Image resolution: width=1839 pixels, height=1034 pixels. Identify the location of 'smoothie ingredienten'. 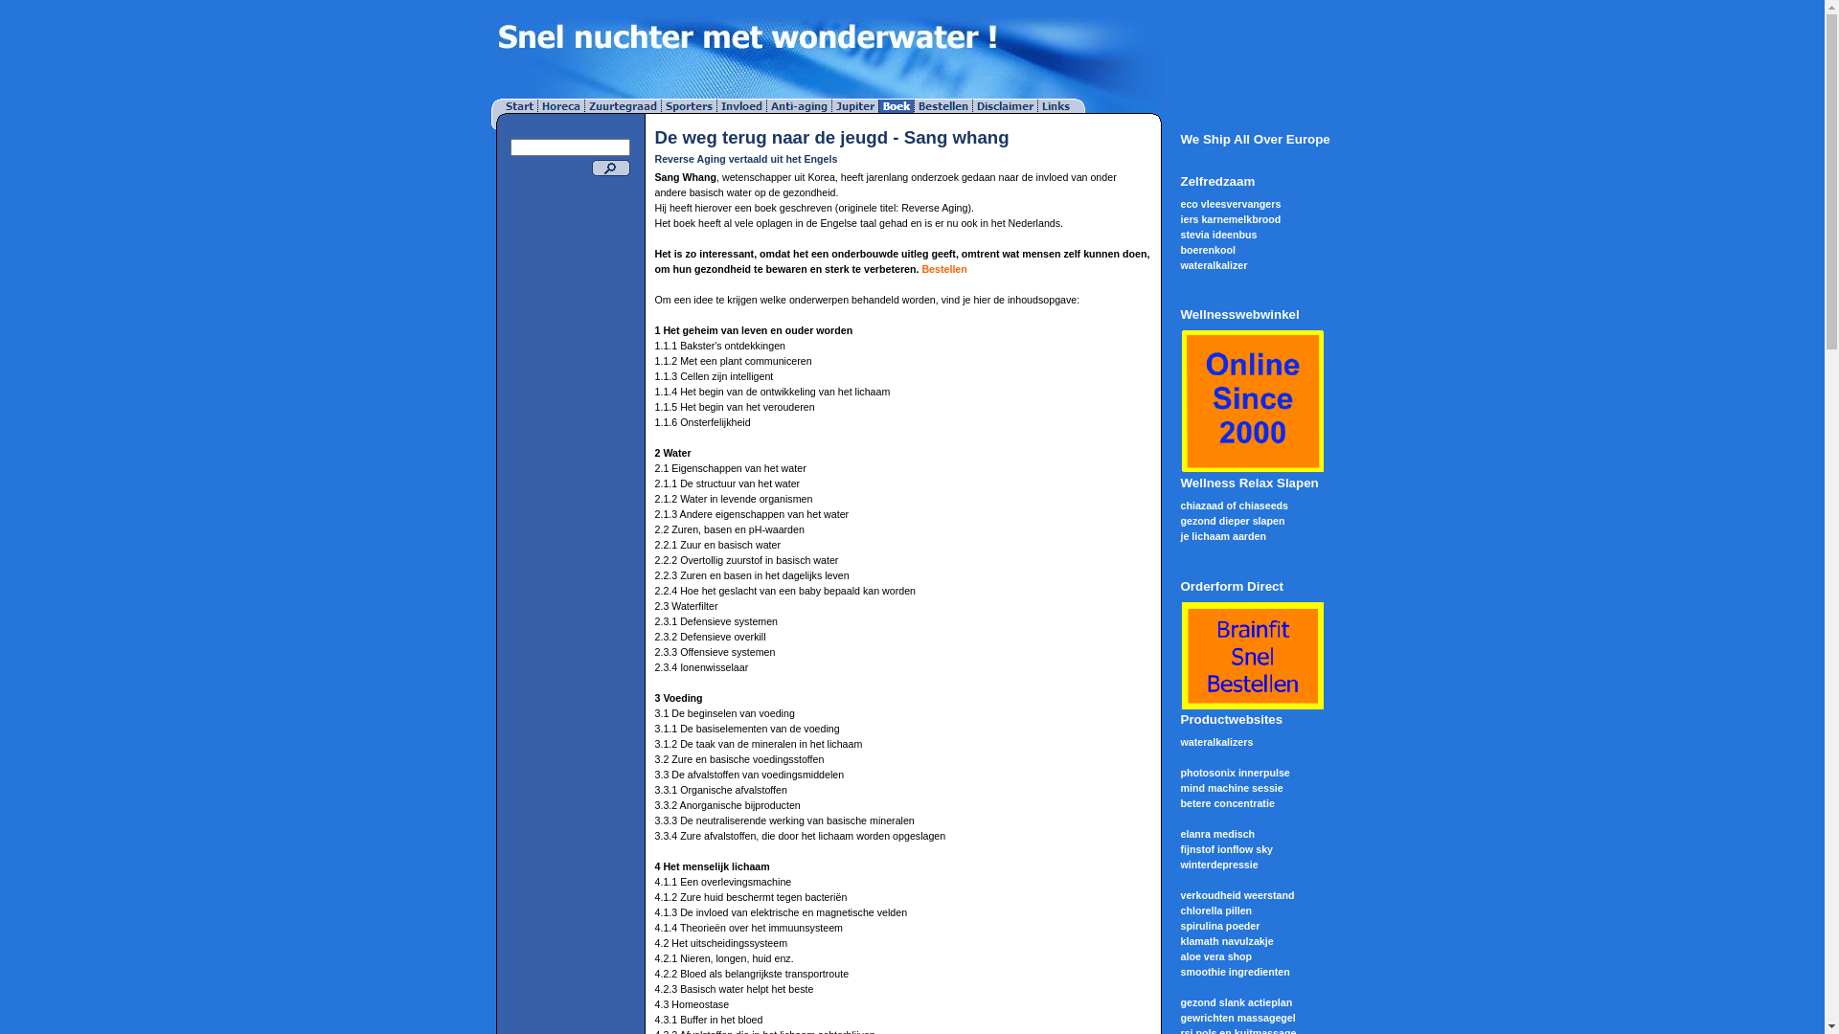
(1235, 971).